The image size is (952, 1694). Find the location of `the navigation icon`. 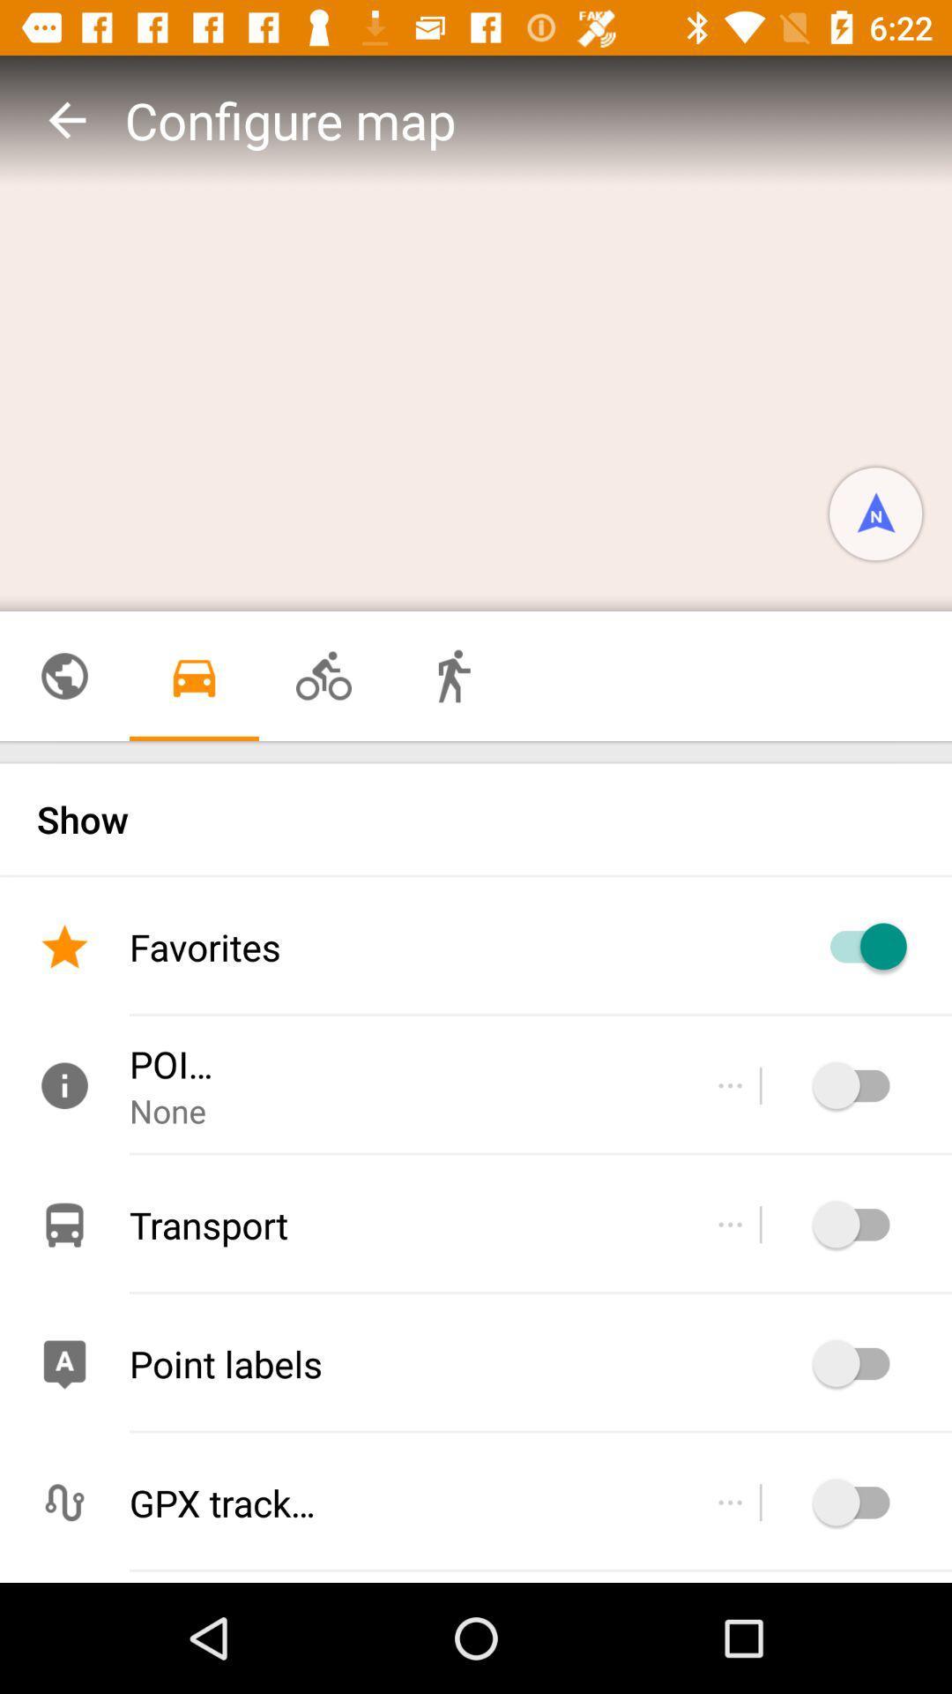

the navigation icon is located at coordinates (875, 513).